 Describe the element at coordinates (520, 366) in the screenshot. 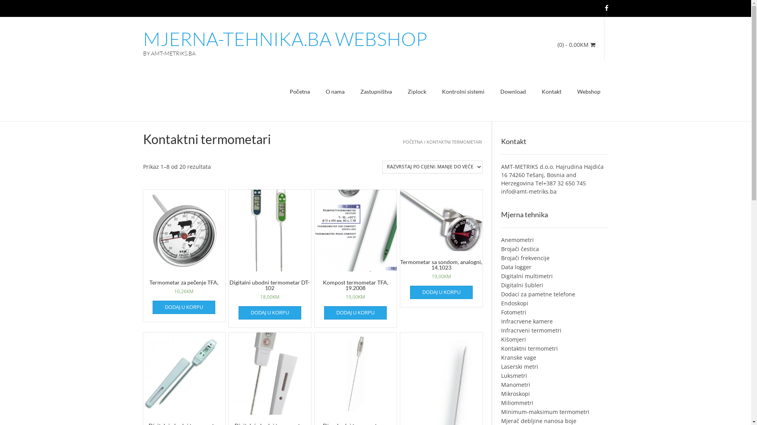

I see `'Laserski metri'` at that location.